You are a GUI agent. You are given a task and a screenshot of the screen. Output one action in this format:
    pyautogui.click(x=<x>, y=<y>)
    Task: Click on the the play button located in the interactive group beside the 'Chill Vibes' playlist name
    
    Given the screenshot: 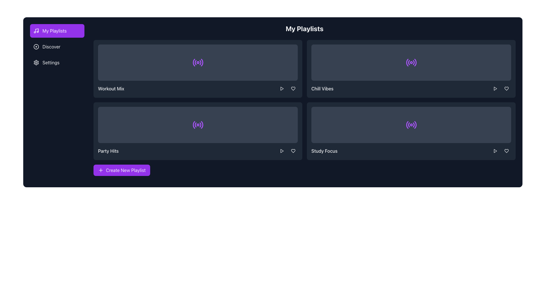 What is the action you would take?
    pyautogui.click(x=501, y=88)
    